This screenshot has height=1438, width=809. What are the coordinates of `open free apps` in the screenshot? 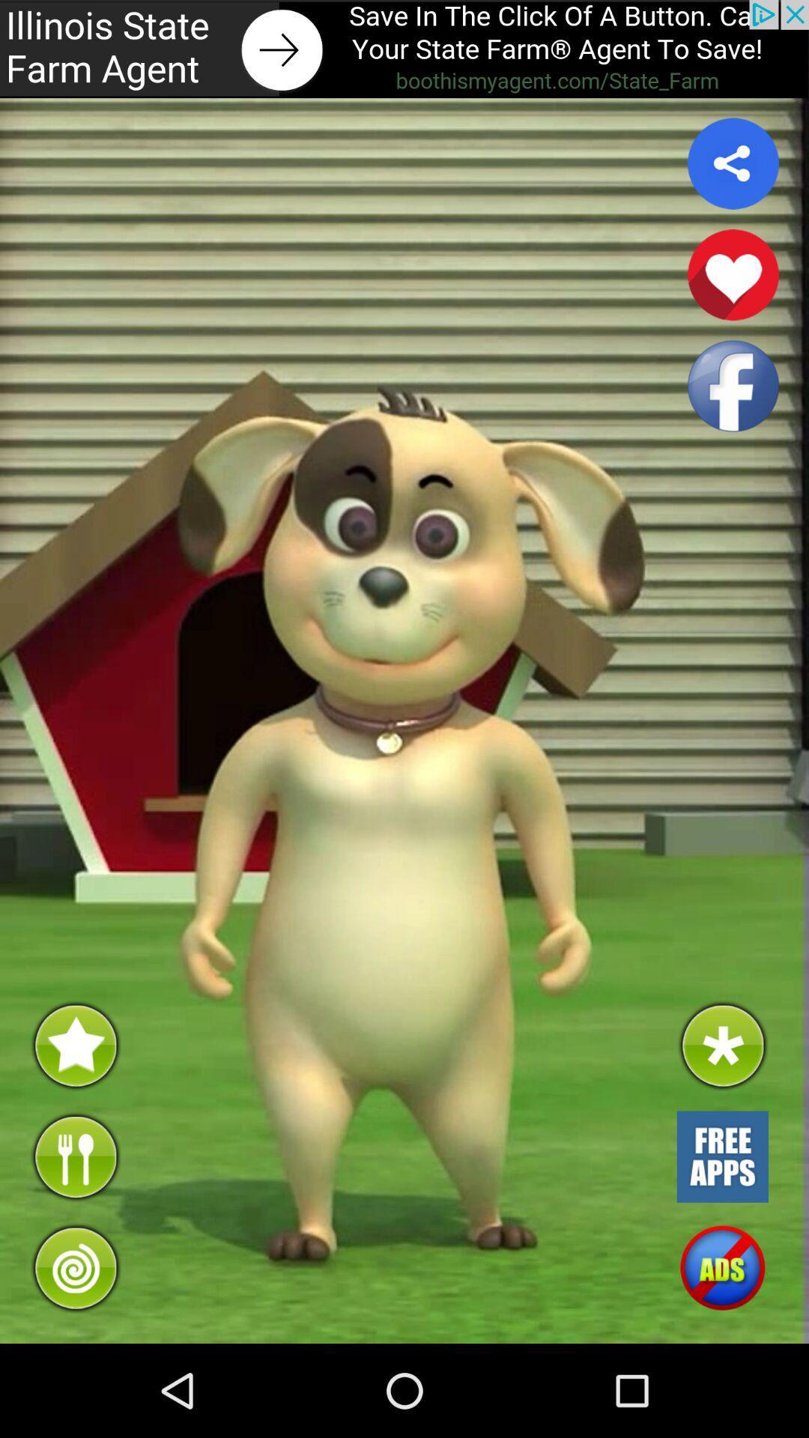 It's located at (721, 1156).